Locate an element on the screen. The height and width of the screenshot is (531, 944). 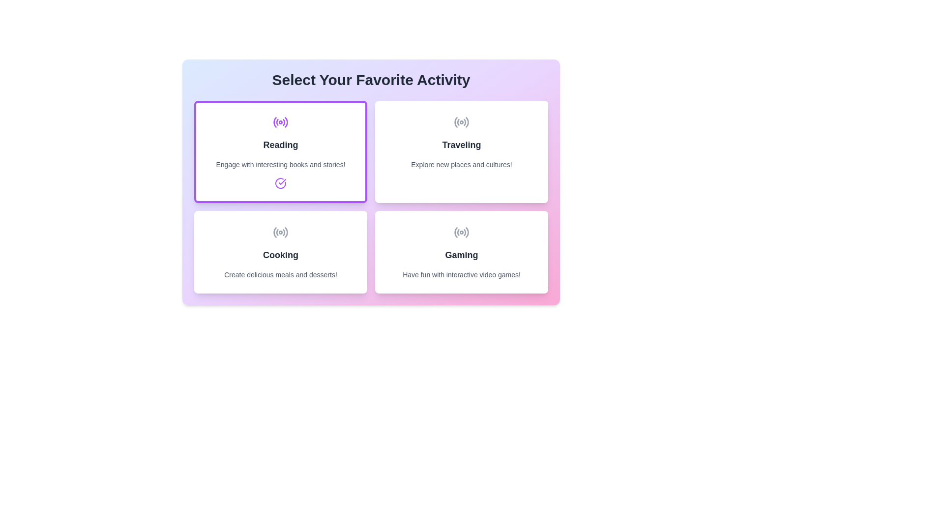
the circular icon with a checkmark inside, styled with a purple border, located at the bottom of the card labeled 'Reading' is located at coordinates (280, 183).